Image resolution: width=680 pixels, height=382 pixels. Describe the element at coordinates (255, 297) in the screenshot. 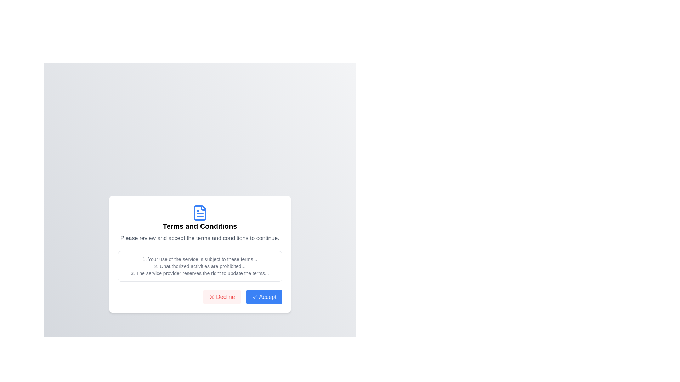

I see `the checkmark icon located inside the 'Accept' button, which indicates a positive action or confirmation` at that location.